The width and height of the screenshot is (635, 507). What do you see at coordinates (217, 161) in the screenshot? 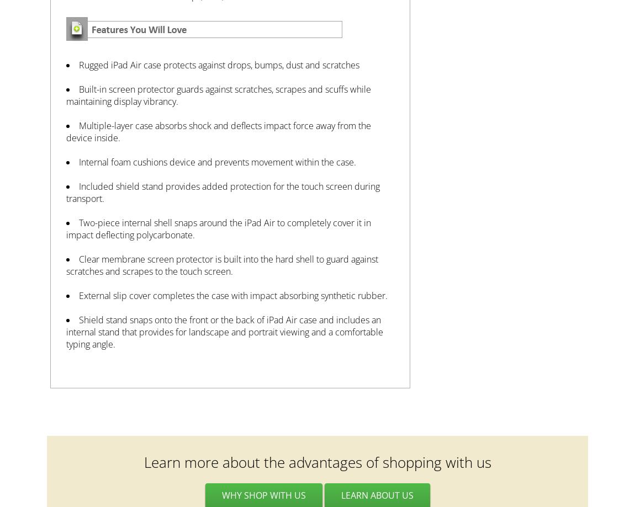
I see `'Internal foam cushions device and prevents movement within the case.'` at bounding box center [217, 161].